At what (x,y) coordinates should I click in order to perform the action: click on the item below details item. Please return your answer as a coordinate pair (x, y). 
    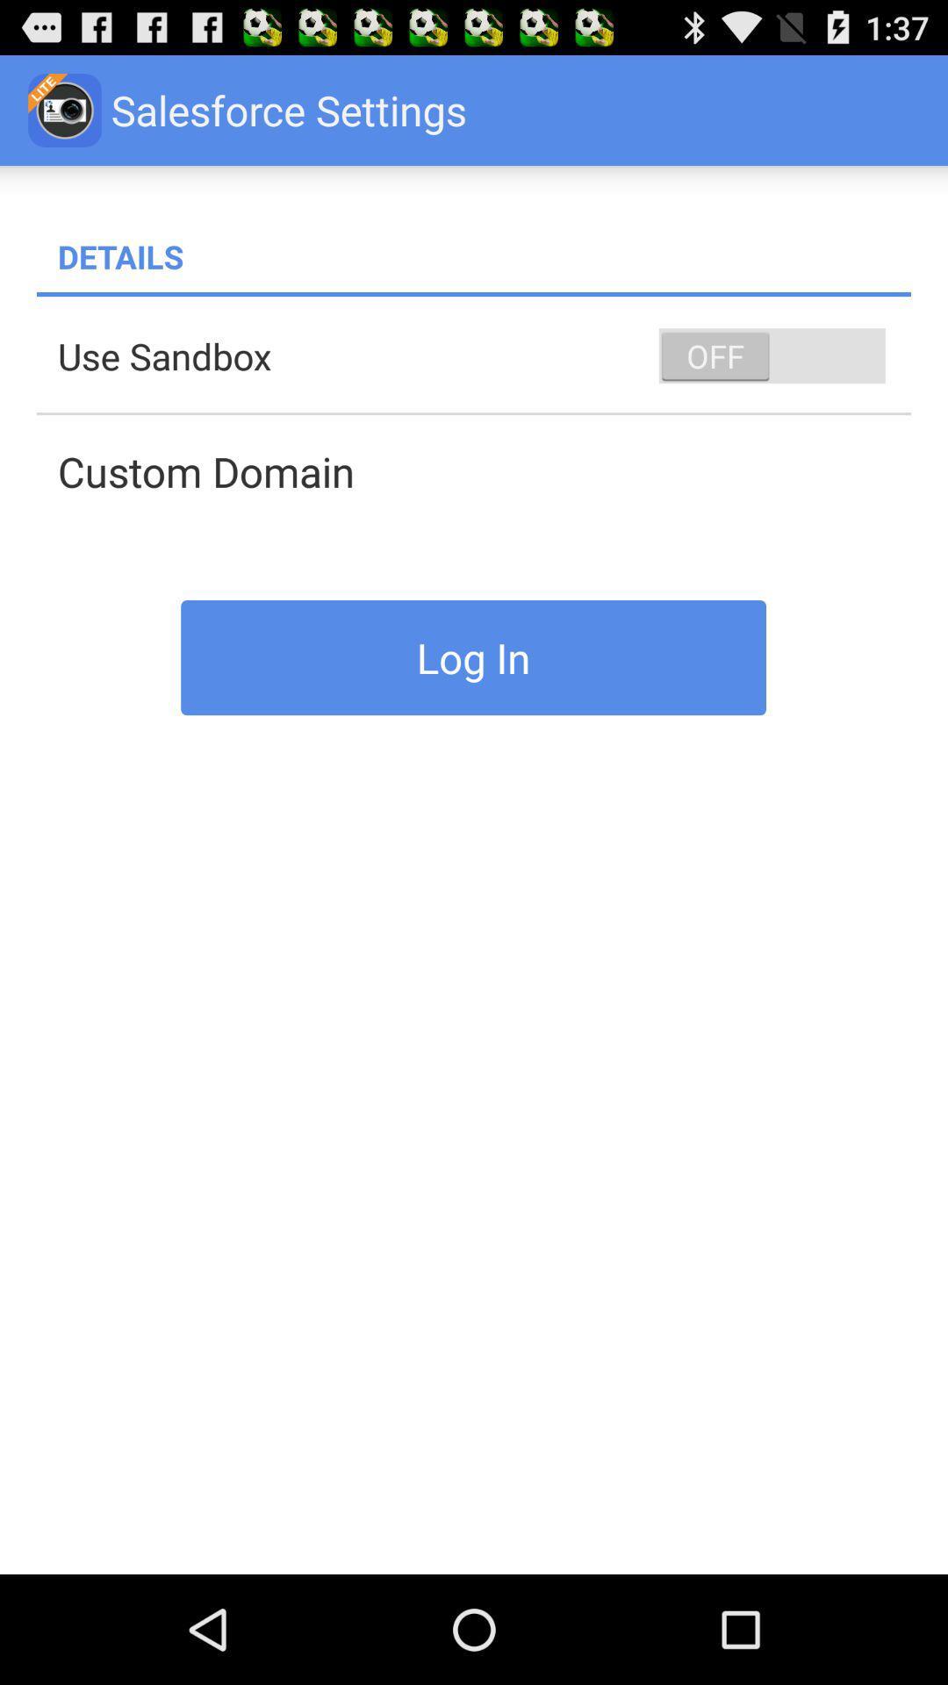
    Looking at the image, I should click on (474, 294).